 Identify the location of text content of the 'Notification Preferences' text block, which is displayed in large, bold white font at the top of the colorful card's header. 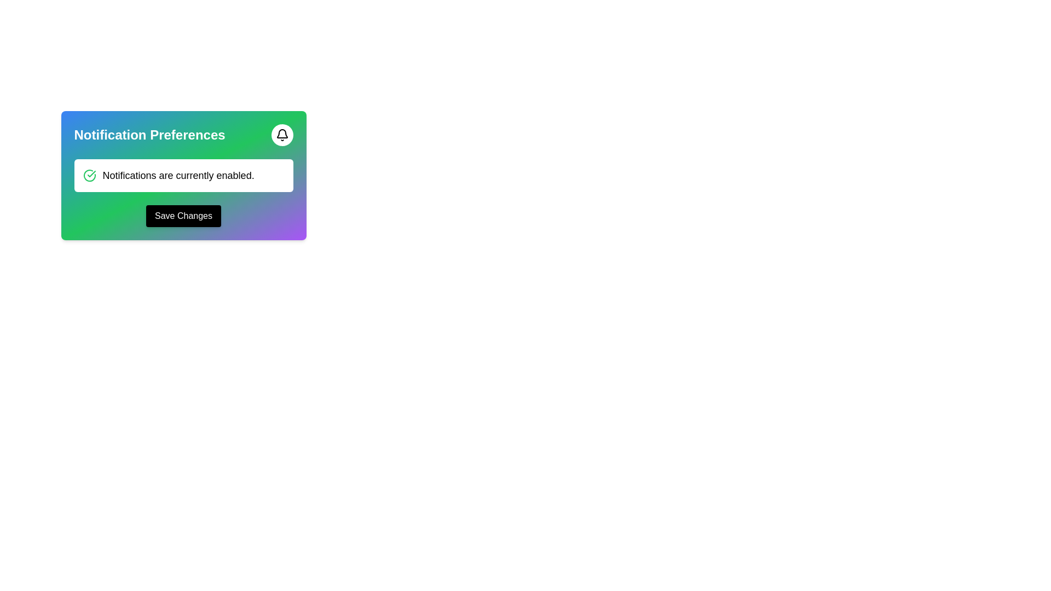
(183, 134).